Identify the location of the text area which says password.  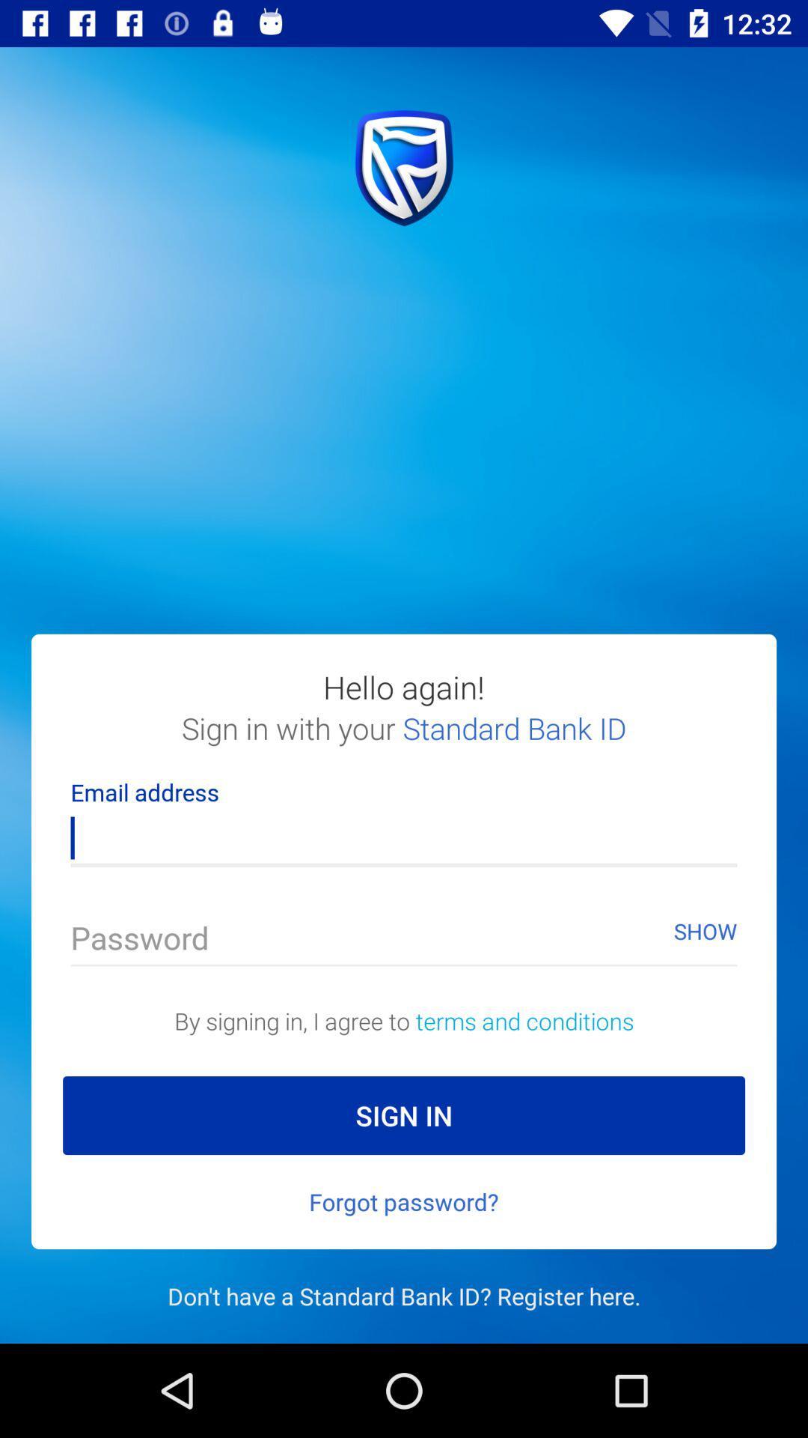
(404, 930).